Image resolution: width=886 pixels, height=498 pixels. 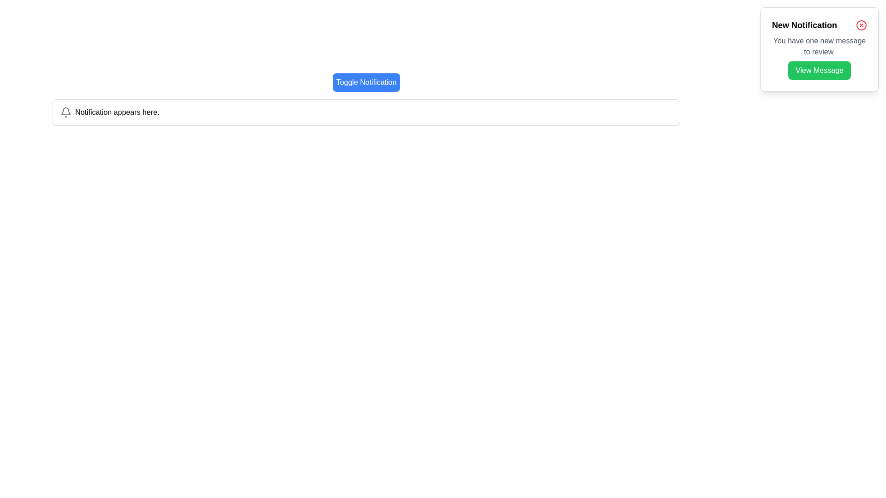 I want to click on the circle icon element representing the 'close' or 'dismiss' functionality located in the top-right corner of the notification card beside the 'New Notification' header, so click(x=861, y=24).